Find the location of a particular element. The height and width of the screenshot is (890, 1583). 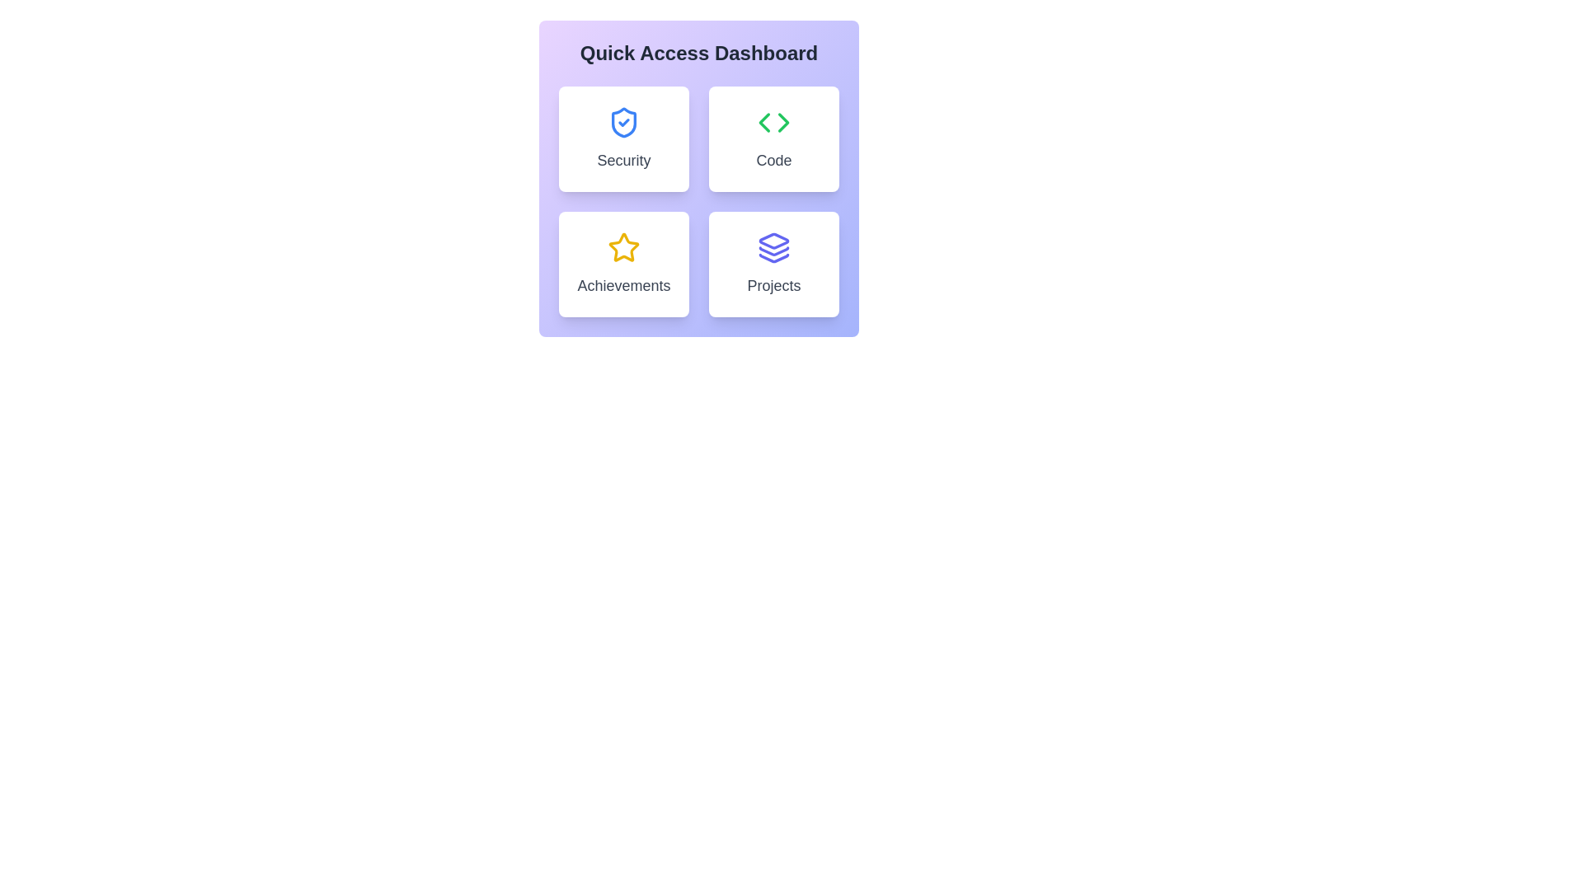

the star-shaped yellow icon located above the text 'Achievements' in the white rounded rectangular box is located at coordinates (623, 247).